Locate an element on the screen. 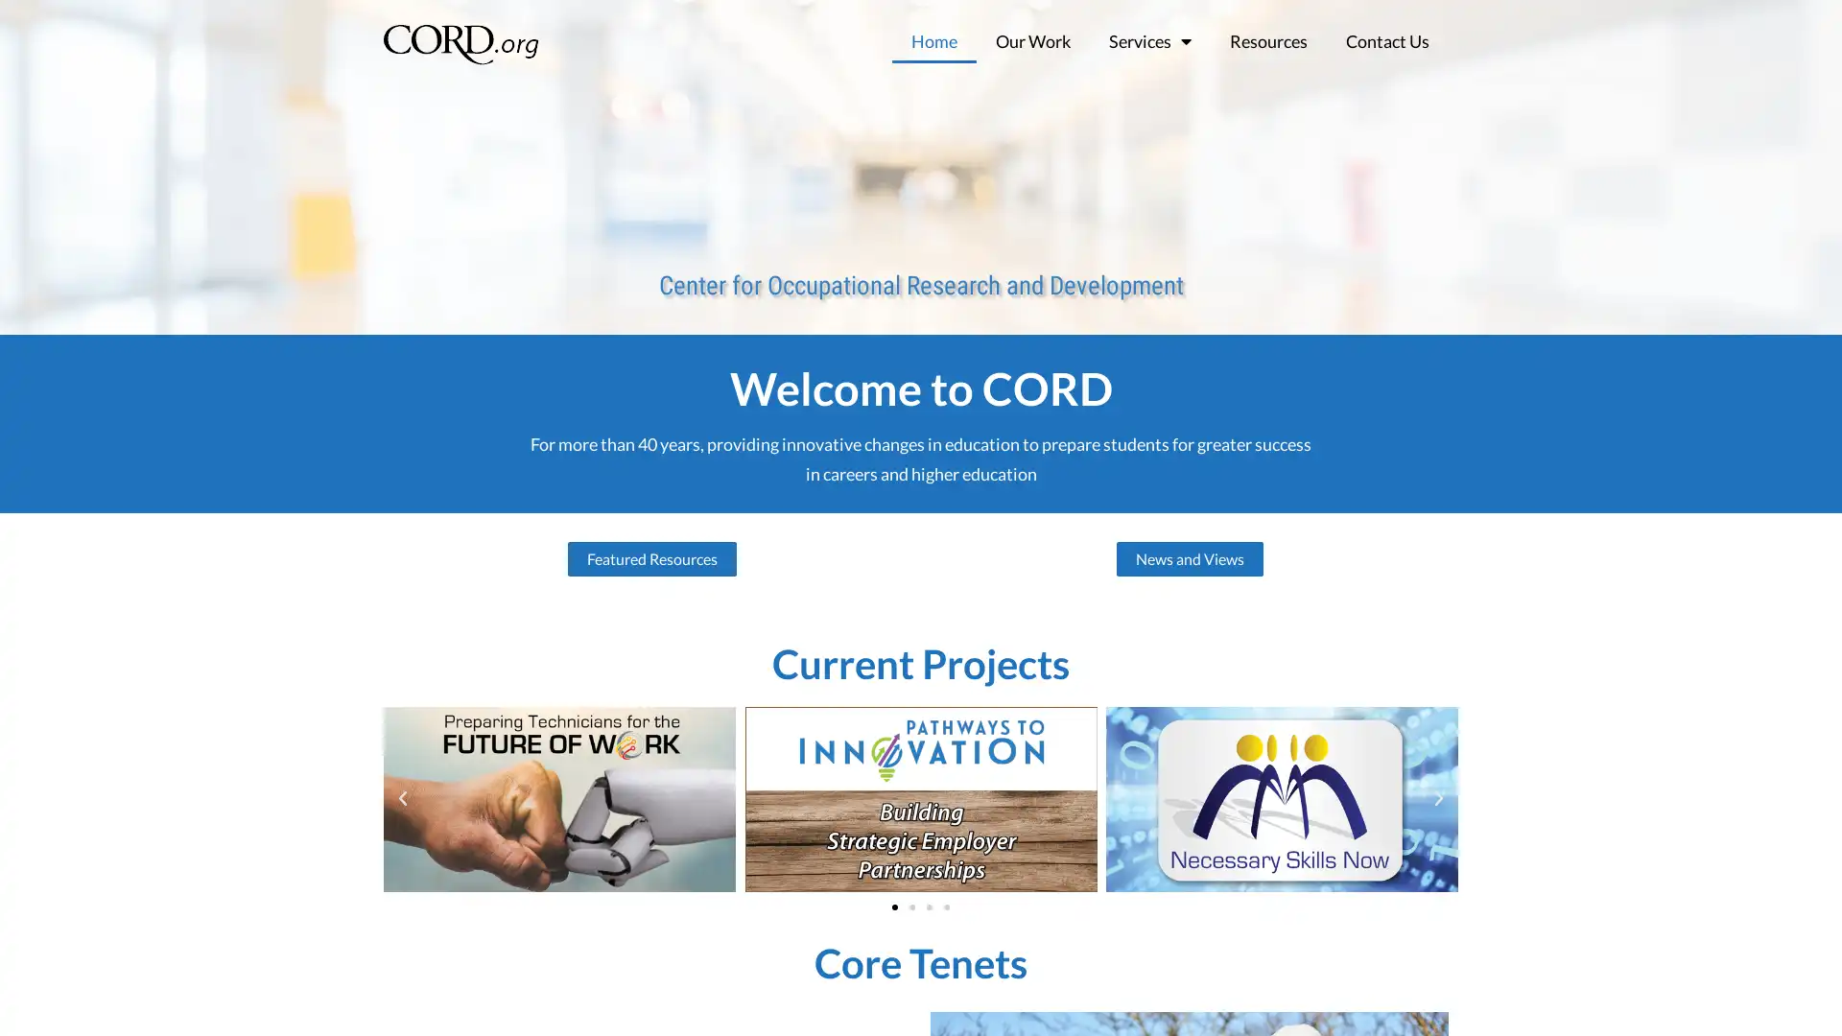  Go to slide 1 is located at coordinates (893, 906).